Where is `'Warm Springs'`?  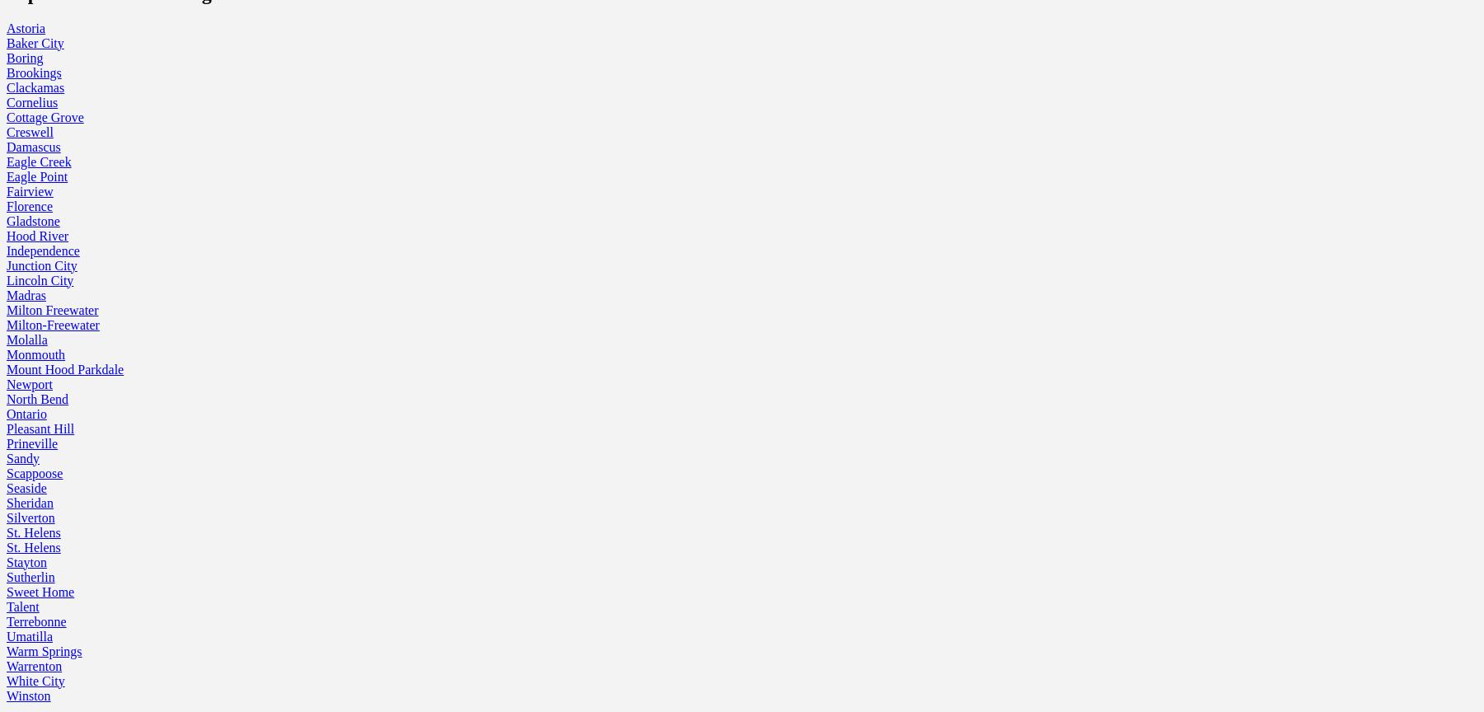 'Warm Springs' is located at coordinates (43, 649).